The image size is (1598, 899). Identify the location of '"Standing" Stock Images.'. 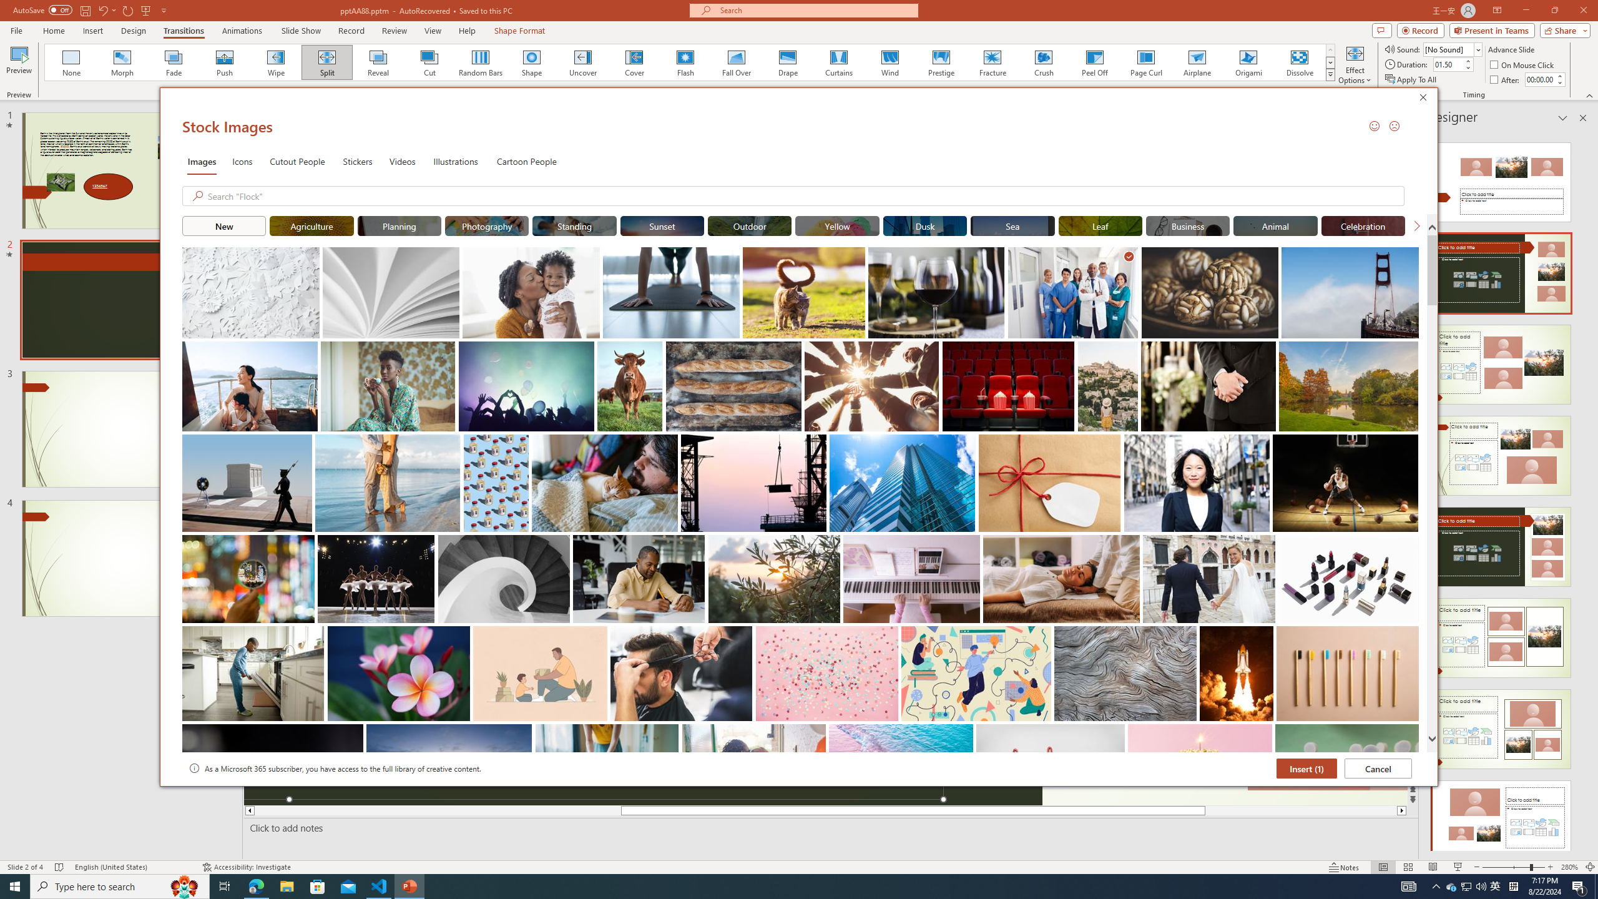
(574, 225).